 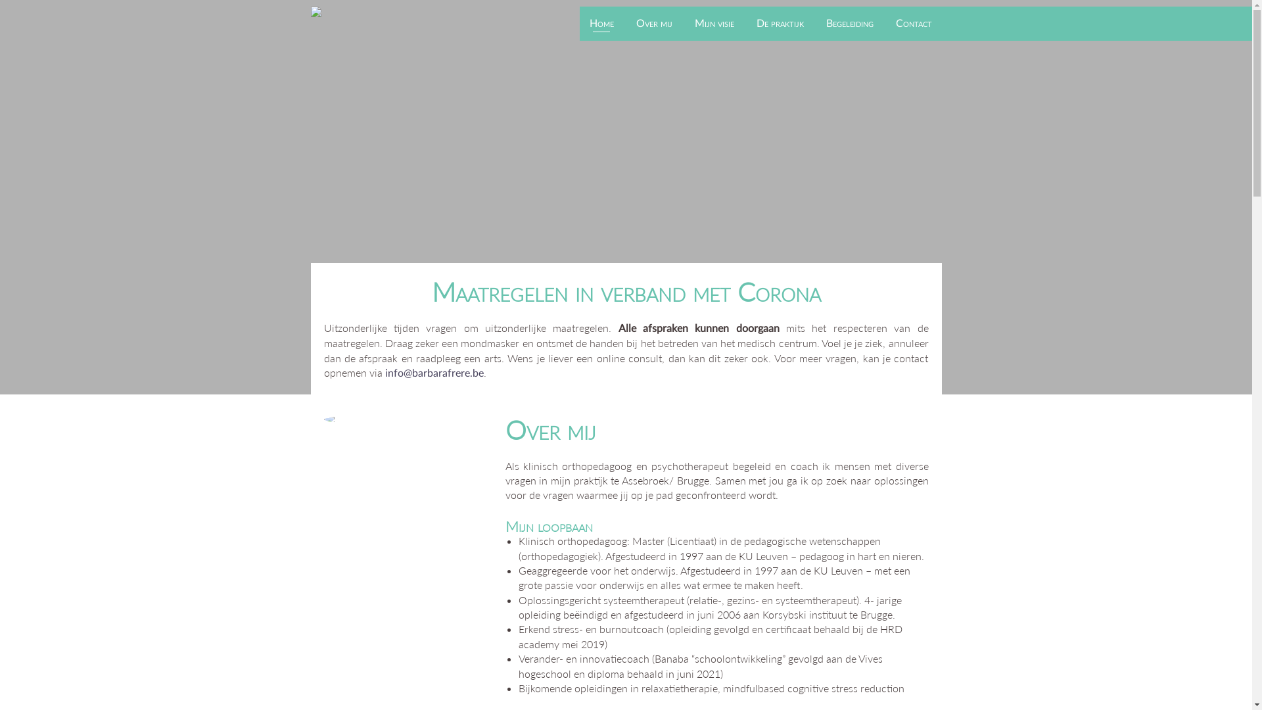 What do you see at coordinates (849, 23) in the screenshot?
I see `'Begeleiding'` at bounding box center [849, 23].